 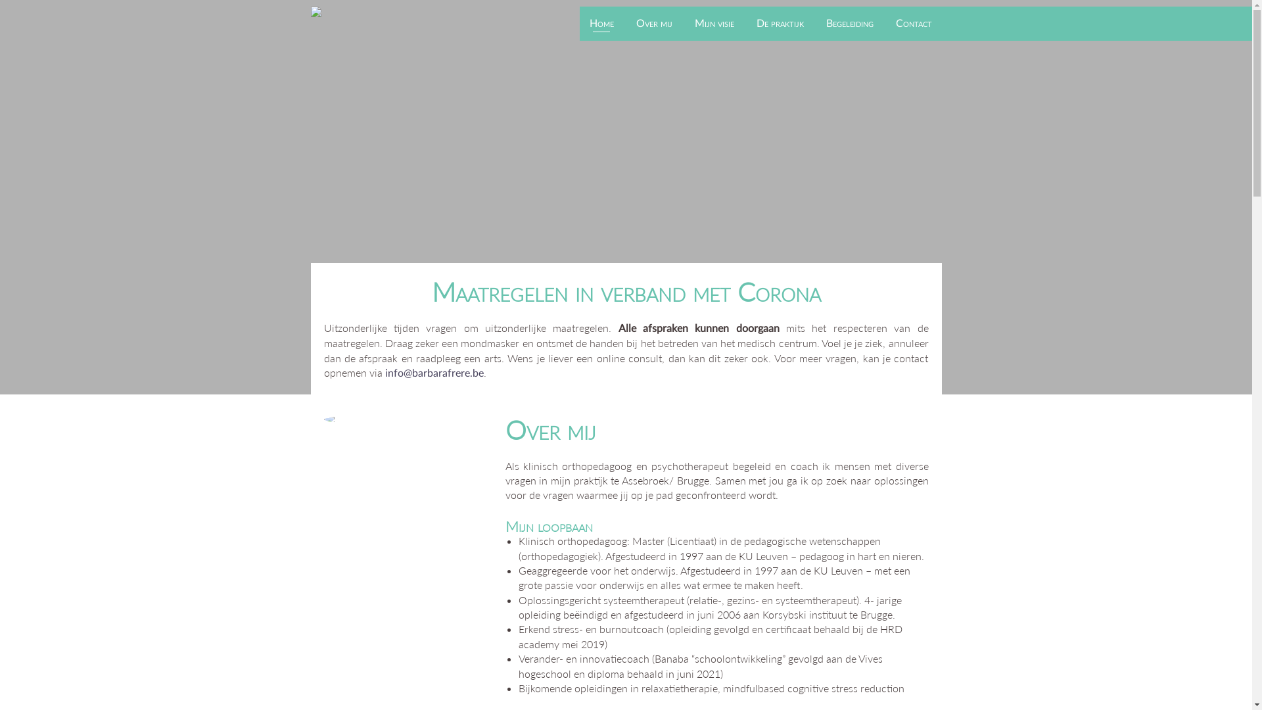 What do you see at coordinates (849, 23) in the screenshot?
I see `'Begeleiding'` at bounding box center [849, 23].